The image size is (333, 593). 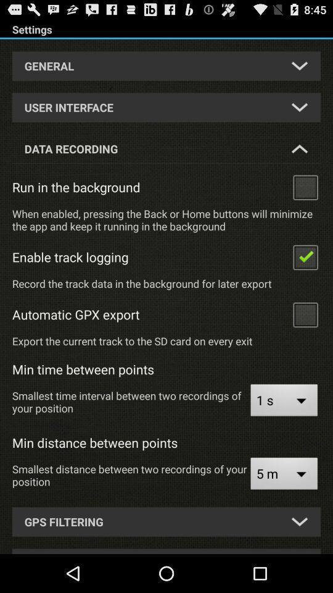 I want to click on the box right to automatic gpx export, so click(x=305, y=313).